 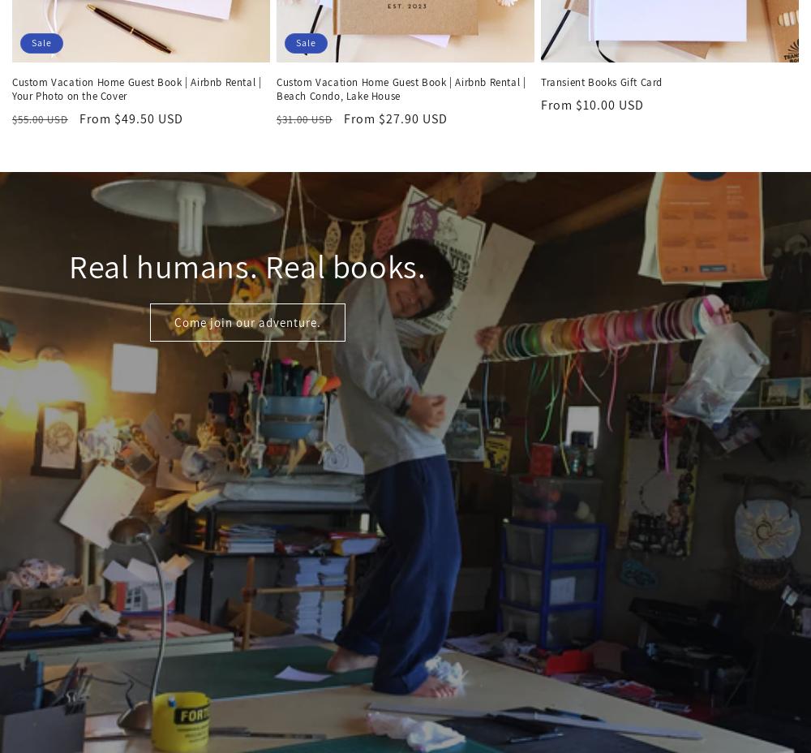 What do you see at coordinates (173, 321) in the screenshot?
I see `'Come join our adventure.'` at bounding box center [173, 321].